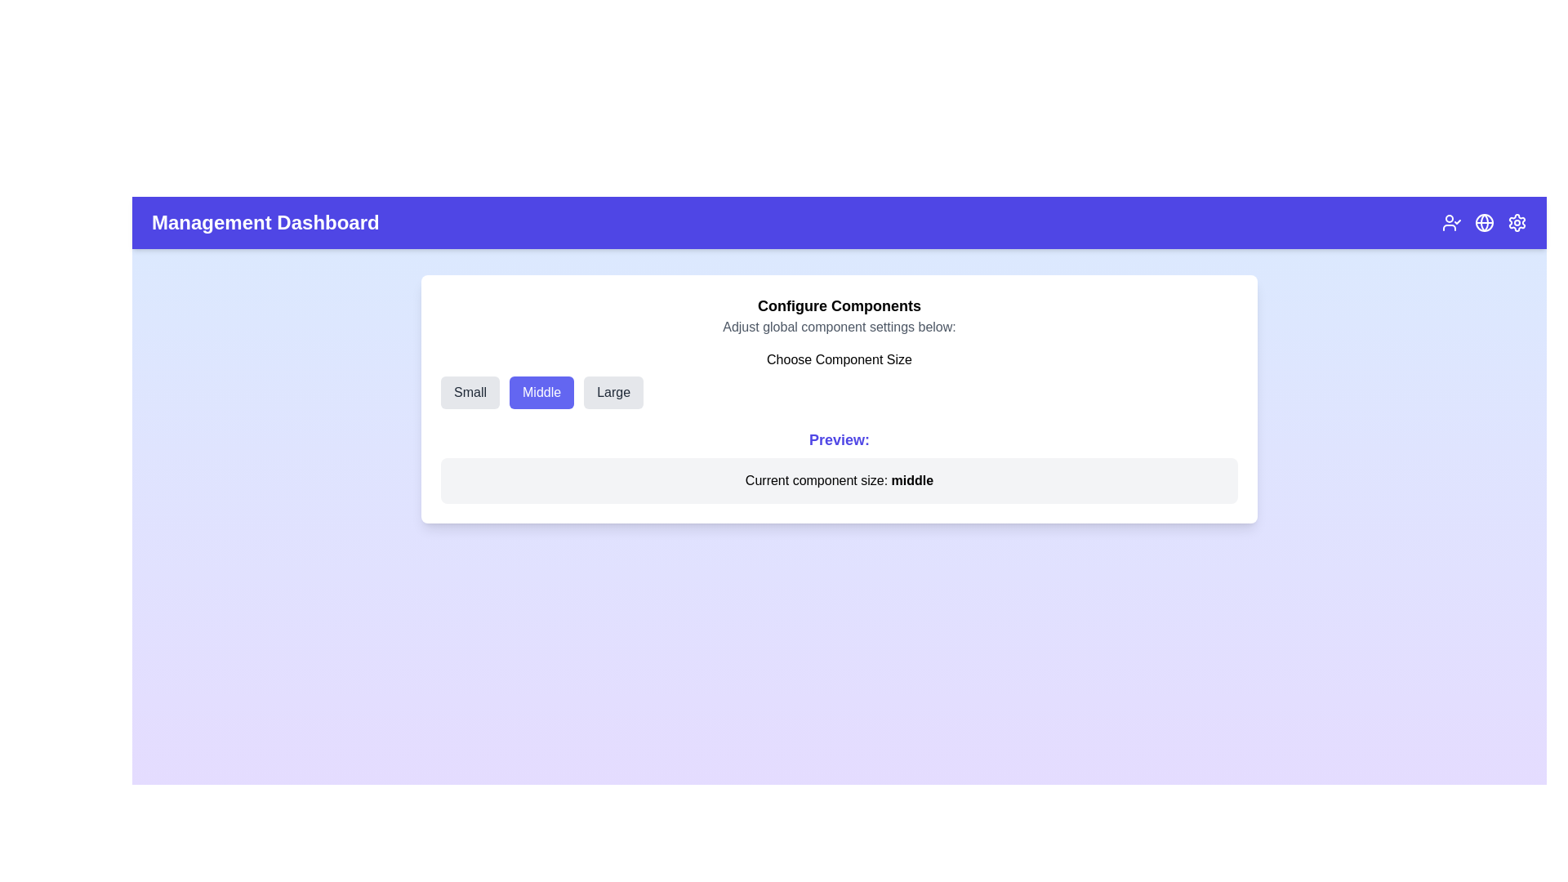 The width and height of the screenshot is (1568, 882). I want to click on the interactive button for selecting a smaller size option, located at the top-left of its group, so click(470, 393).